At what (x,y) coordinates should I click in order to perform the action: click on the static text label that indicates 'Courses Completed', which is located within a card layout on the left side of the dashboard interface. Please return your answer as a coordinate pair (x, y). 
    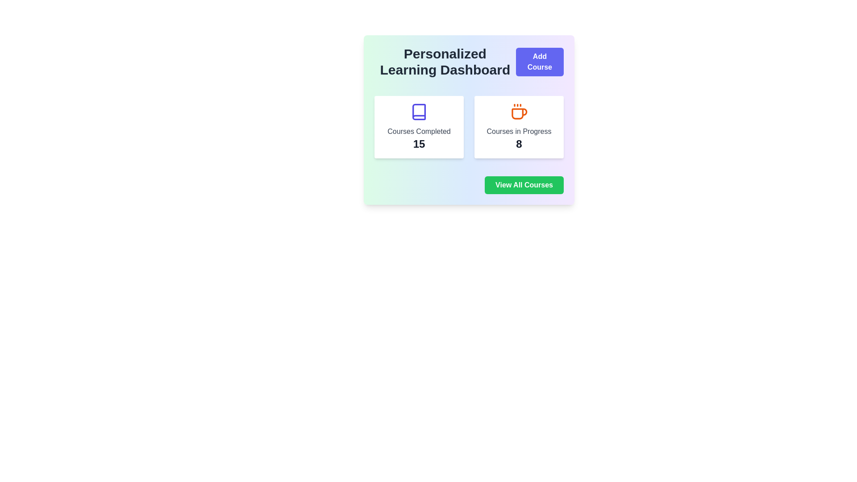
    Looking at the image, I should click on (419, 131).